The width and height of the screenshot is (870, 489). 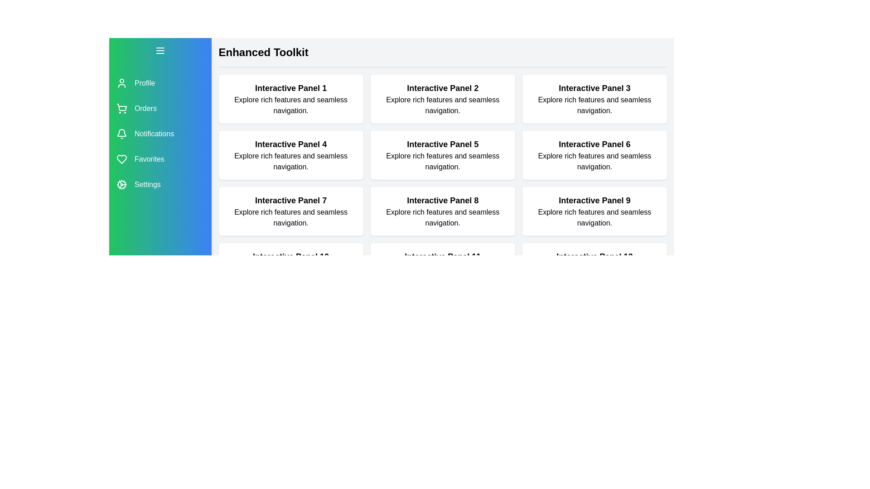 What do you see at coordinates (160, 108) in the screenshot?
I see `the menu item labeled Orders` at bounding box center [160, 108].